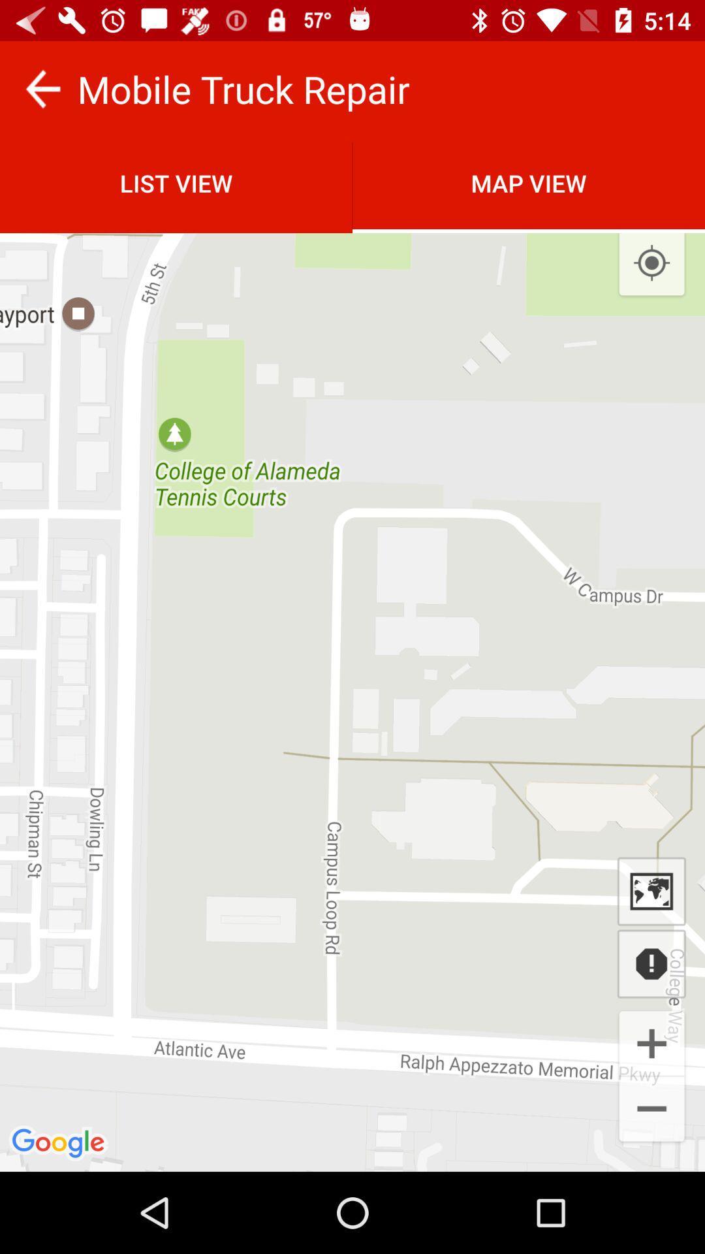  What do you see at coordinates (529, 182) in the screenshot?
I see `item to the right of list view app` at bounding box center [529, 182].